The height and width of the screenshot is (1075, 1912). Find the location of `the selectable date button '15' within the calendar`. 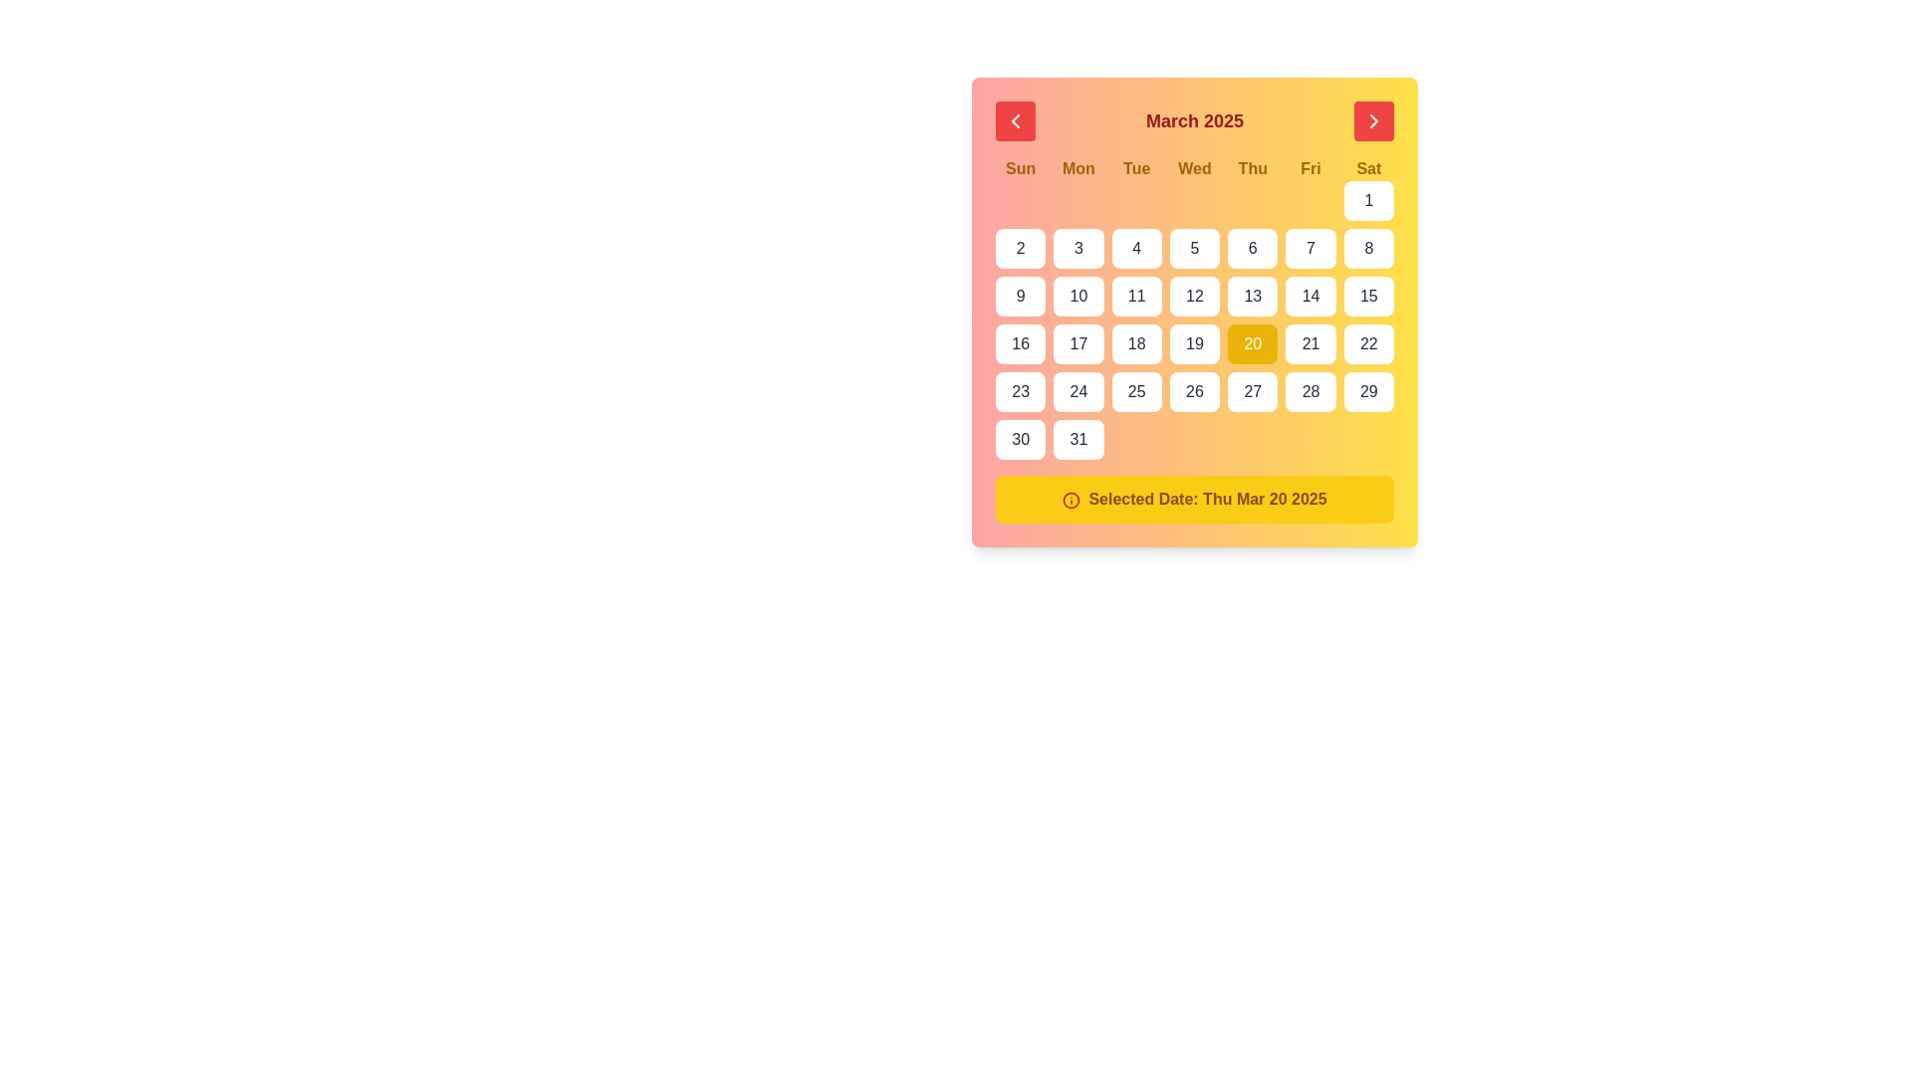

the selectable date button '15' within the calendar is located at coordinates (1367, 296).